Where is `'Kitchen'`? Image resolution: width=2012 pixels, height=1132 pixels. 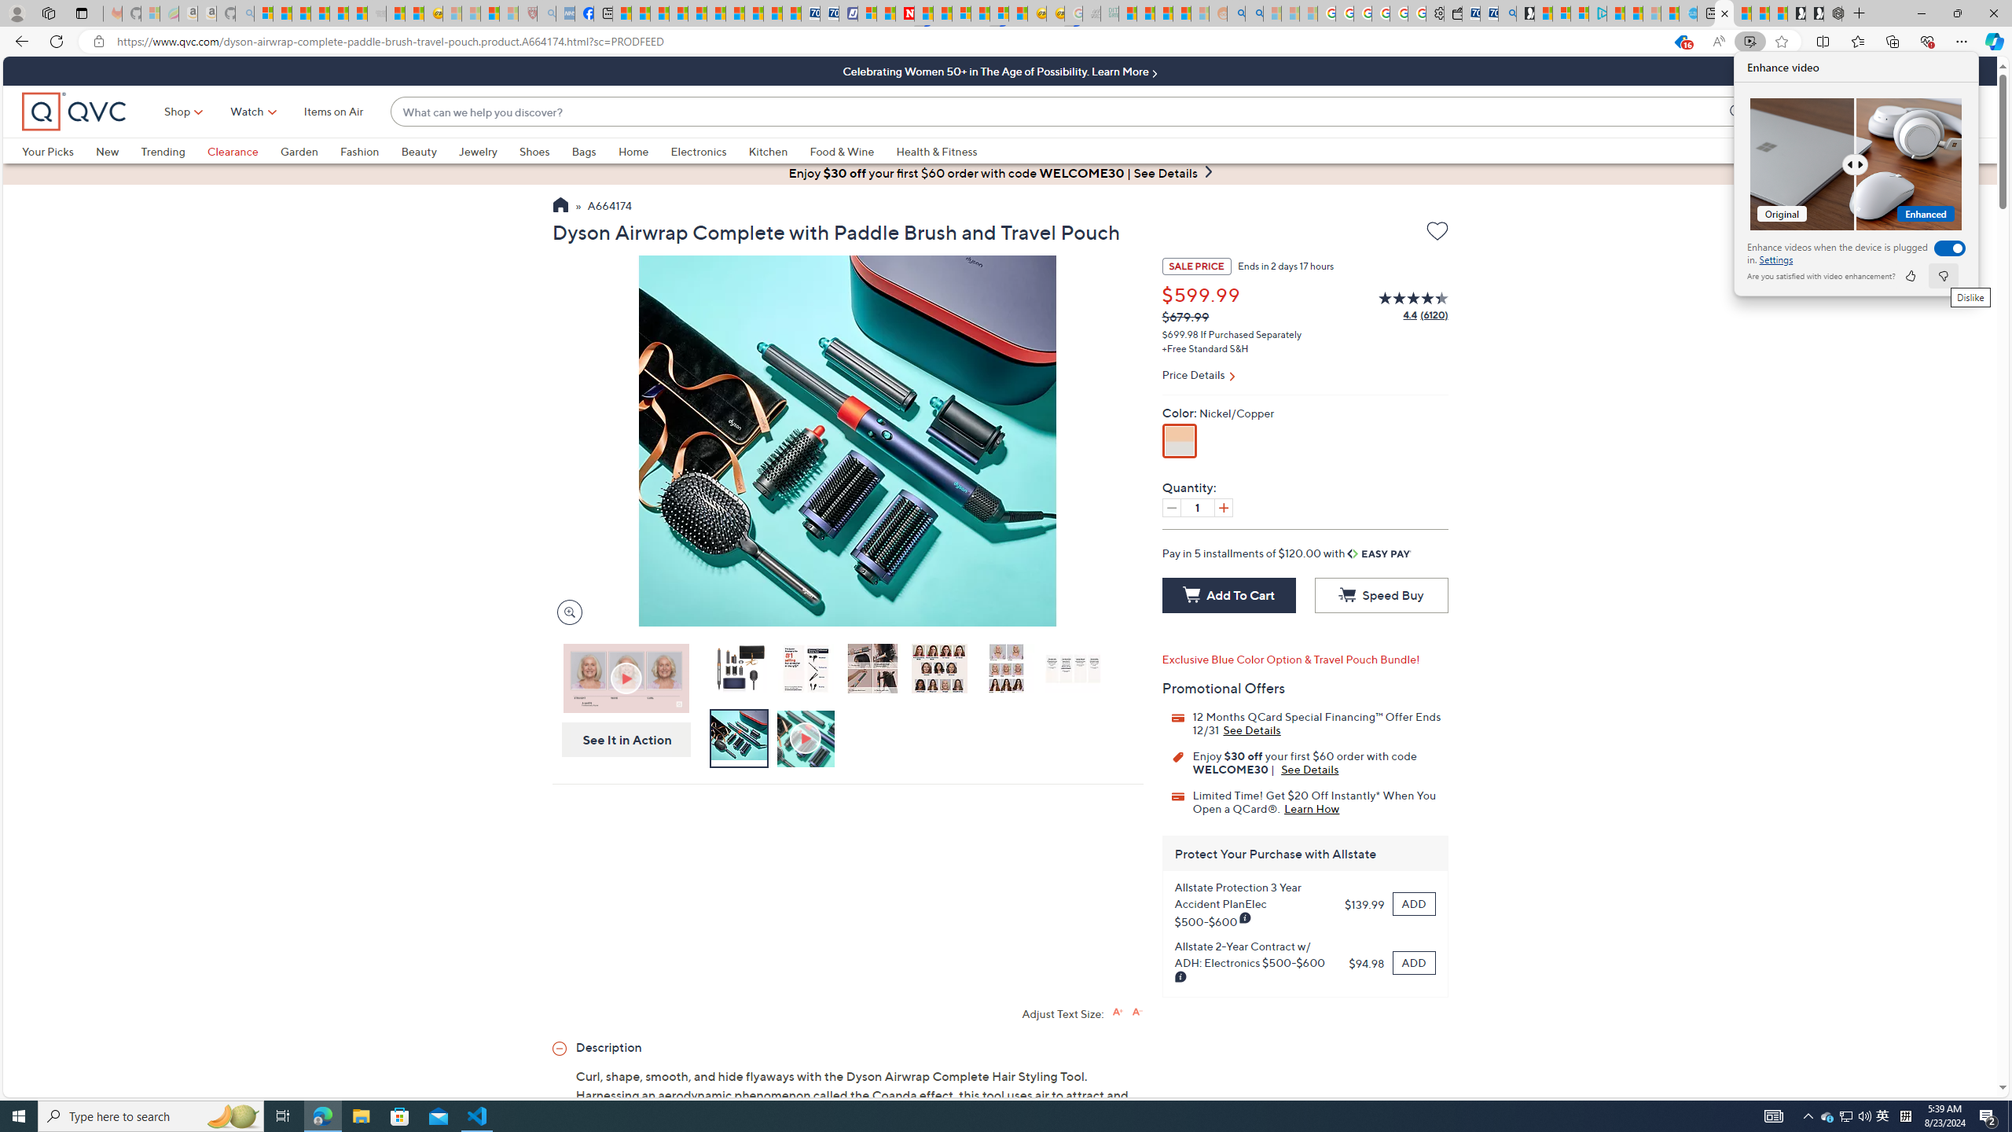 'Kitchen' is located at coordinates (768, 150).